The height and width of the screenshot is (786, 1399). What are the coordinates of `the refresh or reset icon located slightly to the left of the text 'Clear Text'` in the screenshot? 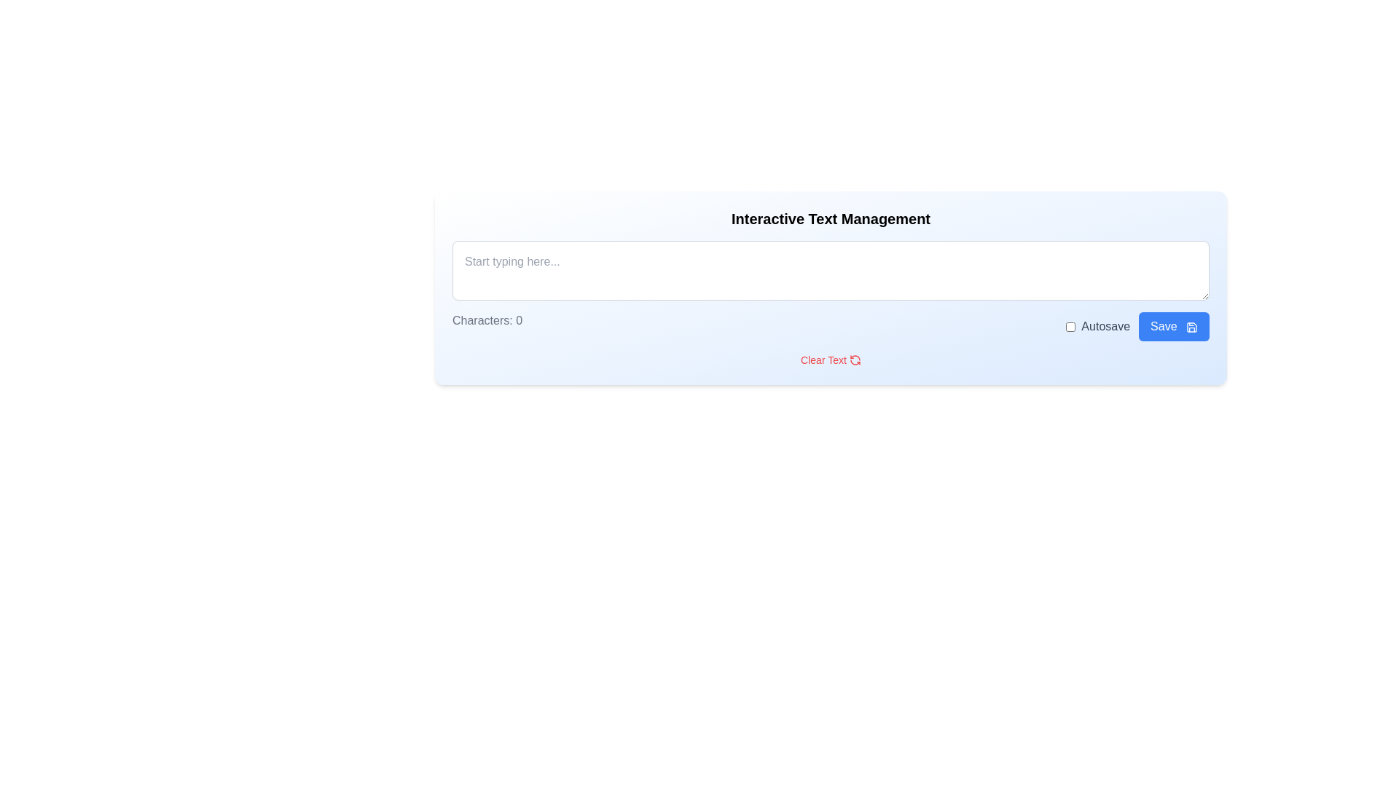 It's located at (855, 360).